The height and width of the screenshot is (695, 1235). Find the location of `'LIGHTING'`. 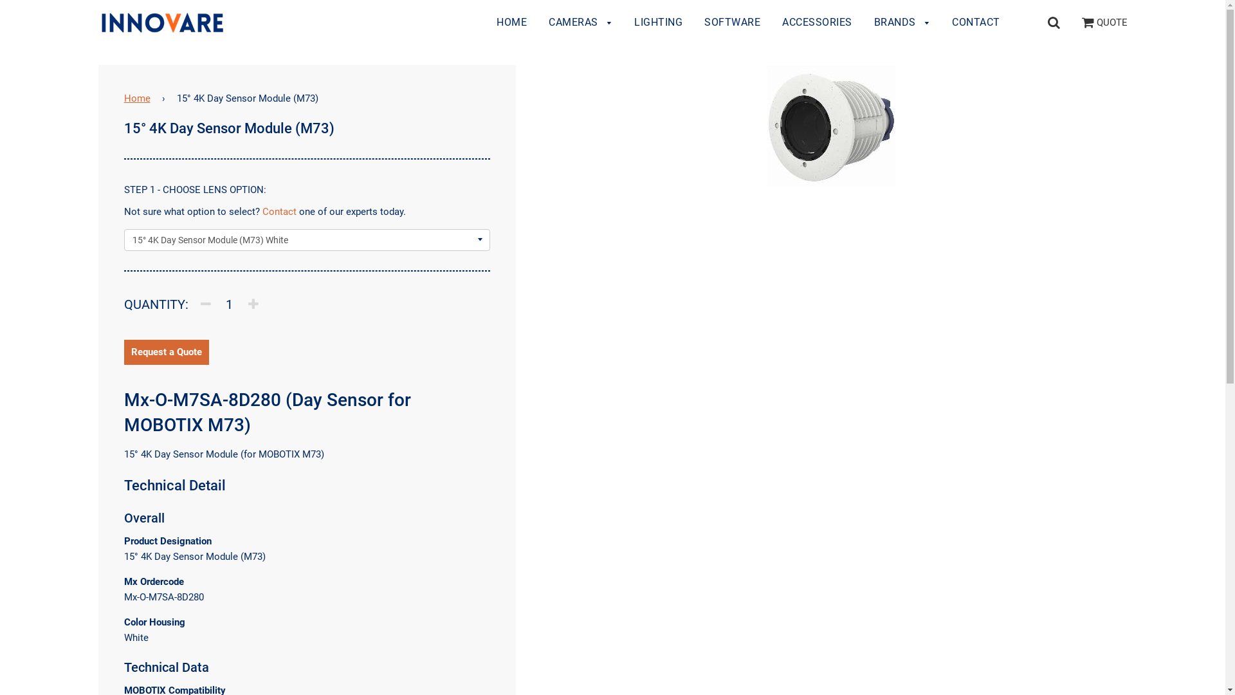

'LIGHTING' is located at coordinates (624, 22).